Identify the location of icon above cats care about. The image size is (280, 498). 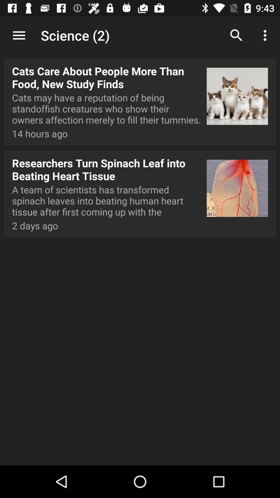
(19, 35).